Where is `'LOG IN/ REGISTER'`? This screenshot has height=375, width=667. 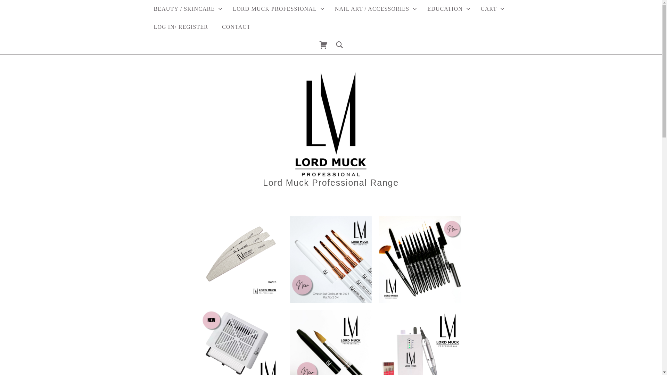
'LOG IN/ REGISTER' is located at coordinates (181, 26).